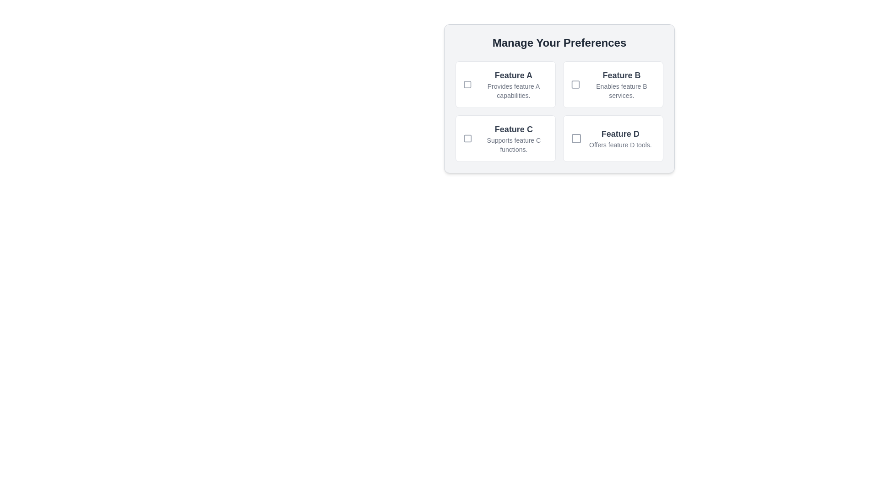 This screenshot has height=494, width=879. I want to click on the decorative icon representing 'Feature C' located at the top-left corner of the 'Feature C' card, so click(467, 139).